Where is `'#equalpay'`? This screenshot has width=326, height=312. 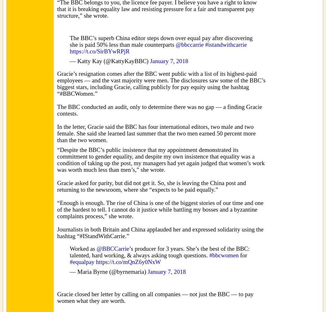
'#equalpay' is located at coordinates (82, 262).